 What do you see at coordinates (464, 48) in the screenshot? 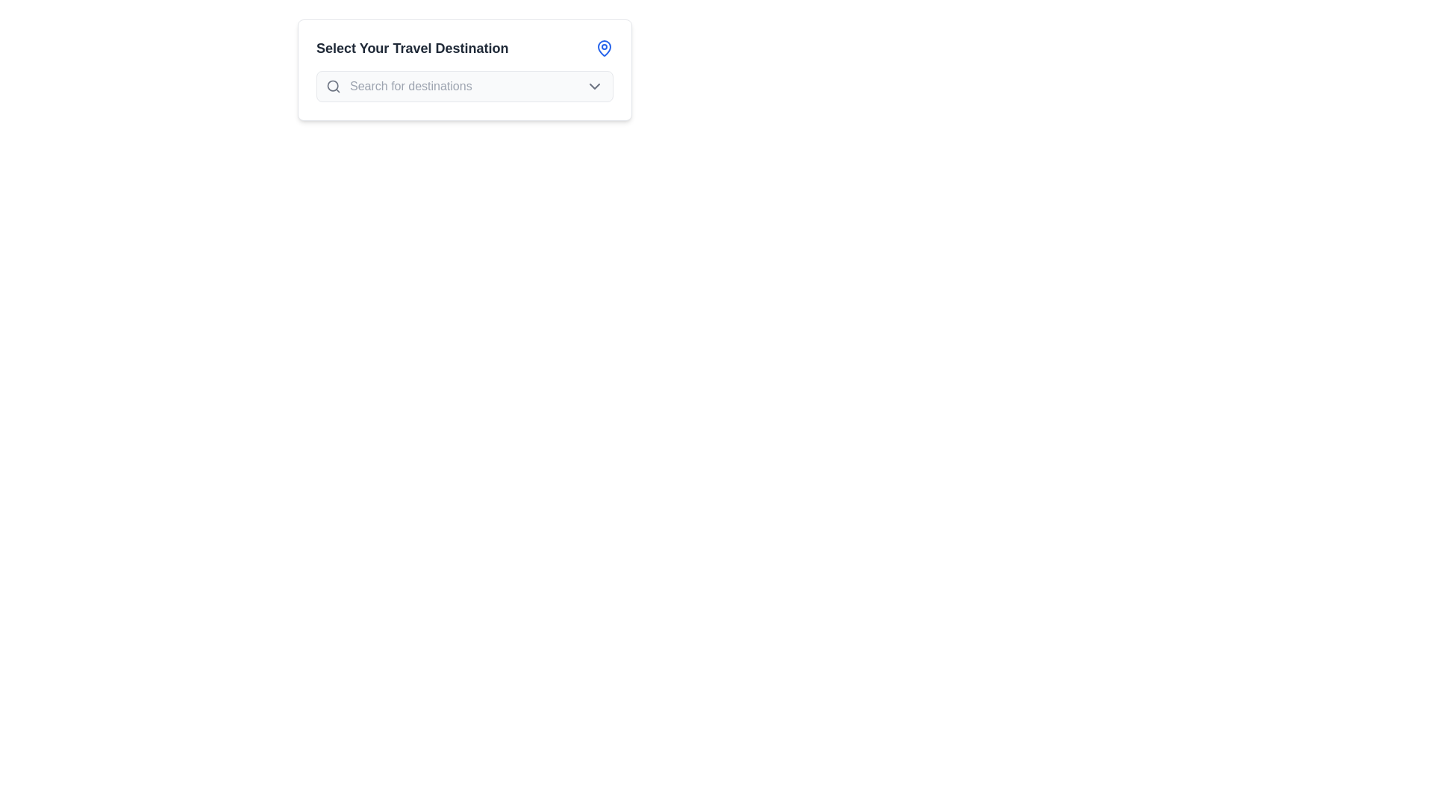
I see `the Text Header with Icon that indicates the purpose of the search input field for travel destinations` at bounding box center [464, 48].